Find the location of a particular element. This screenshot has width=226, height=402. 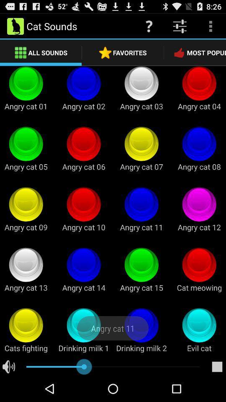

the volume icon is located at coordinates (8, 392).